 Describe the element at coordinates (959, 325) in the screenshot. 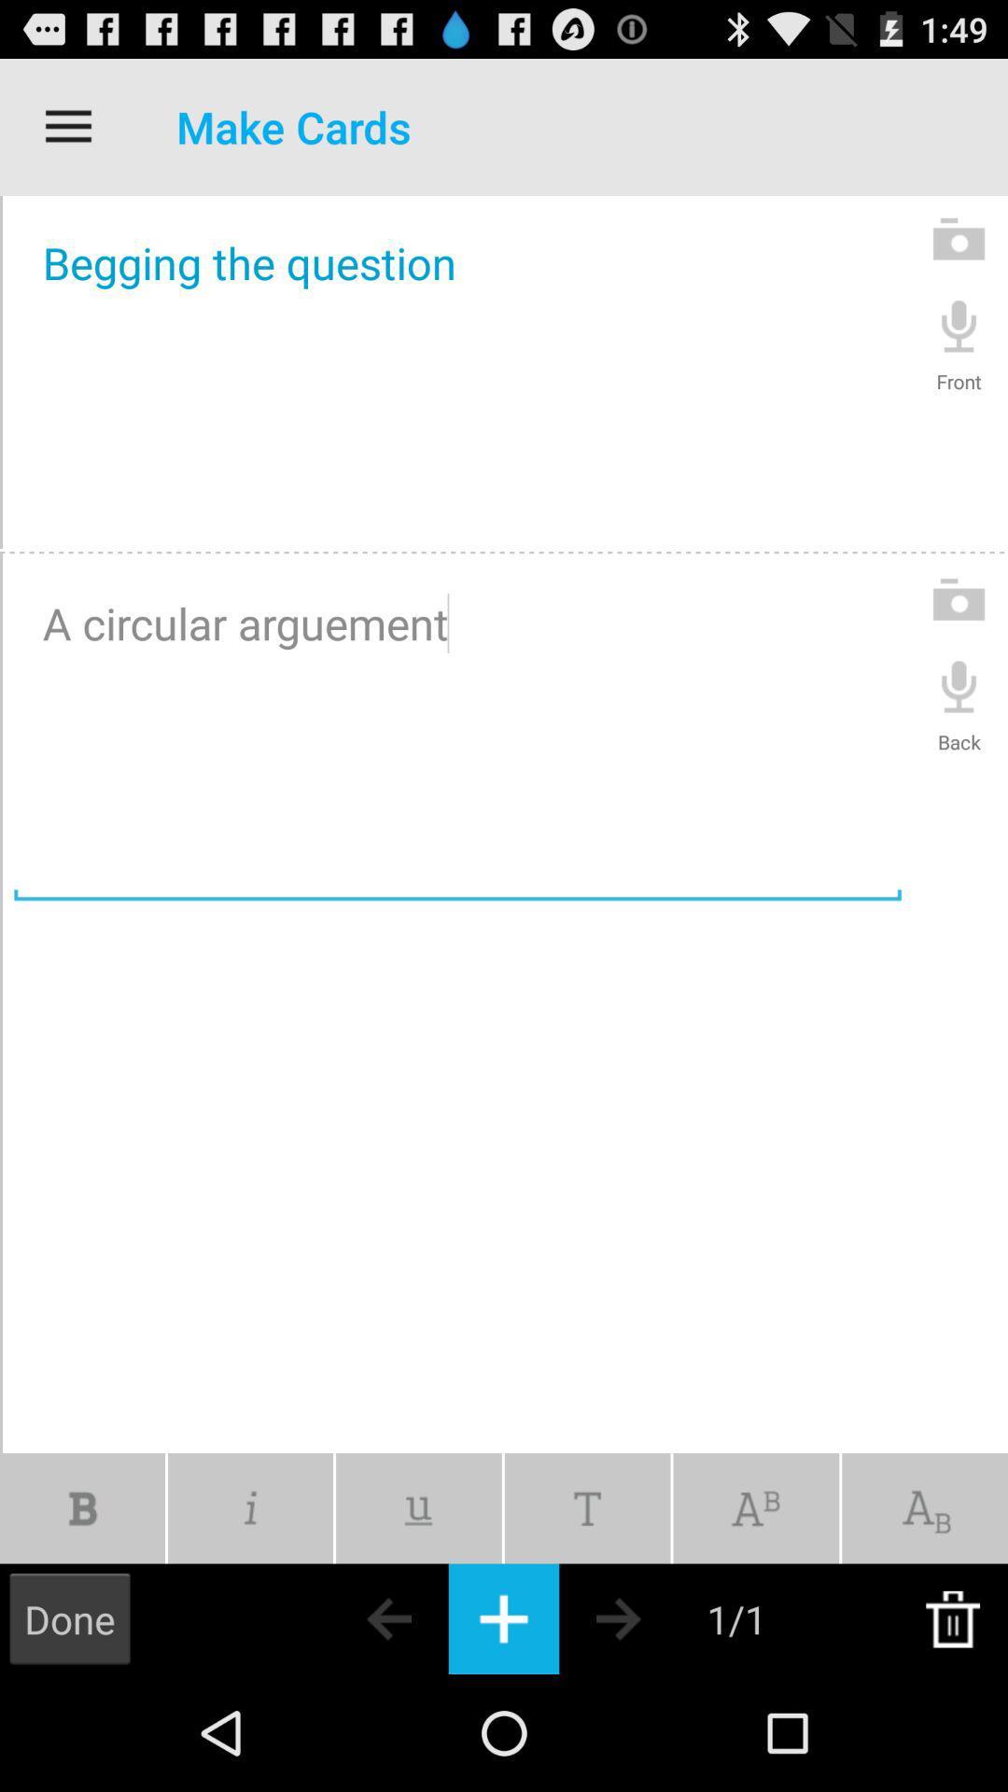

I see `the mic icon in the first row` at that location.